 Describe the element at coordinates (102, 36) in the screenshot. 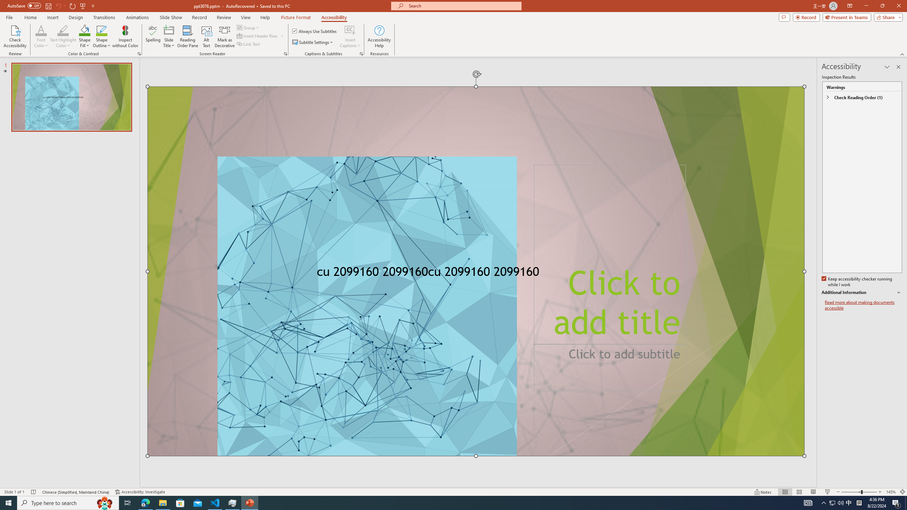

I see `'Shape Outline'` at that location.